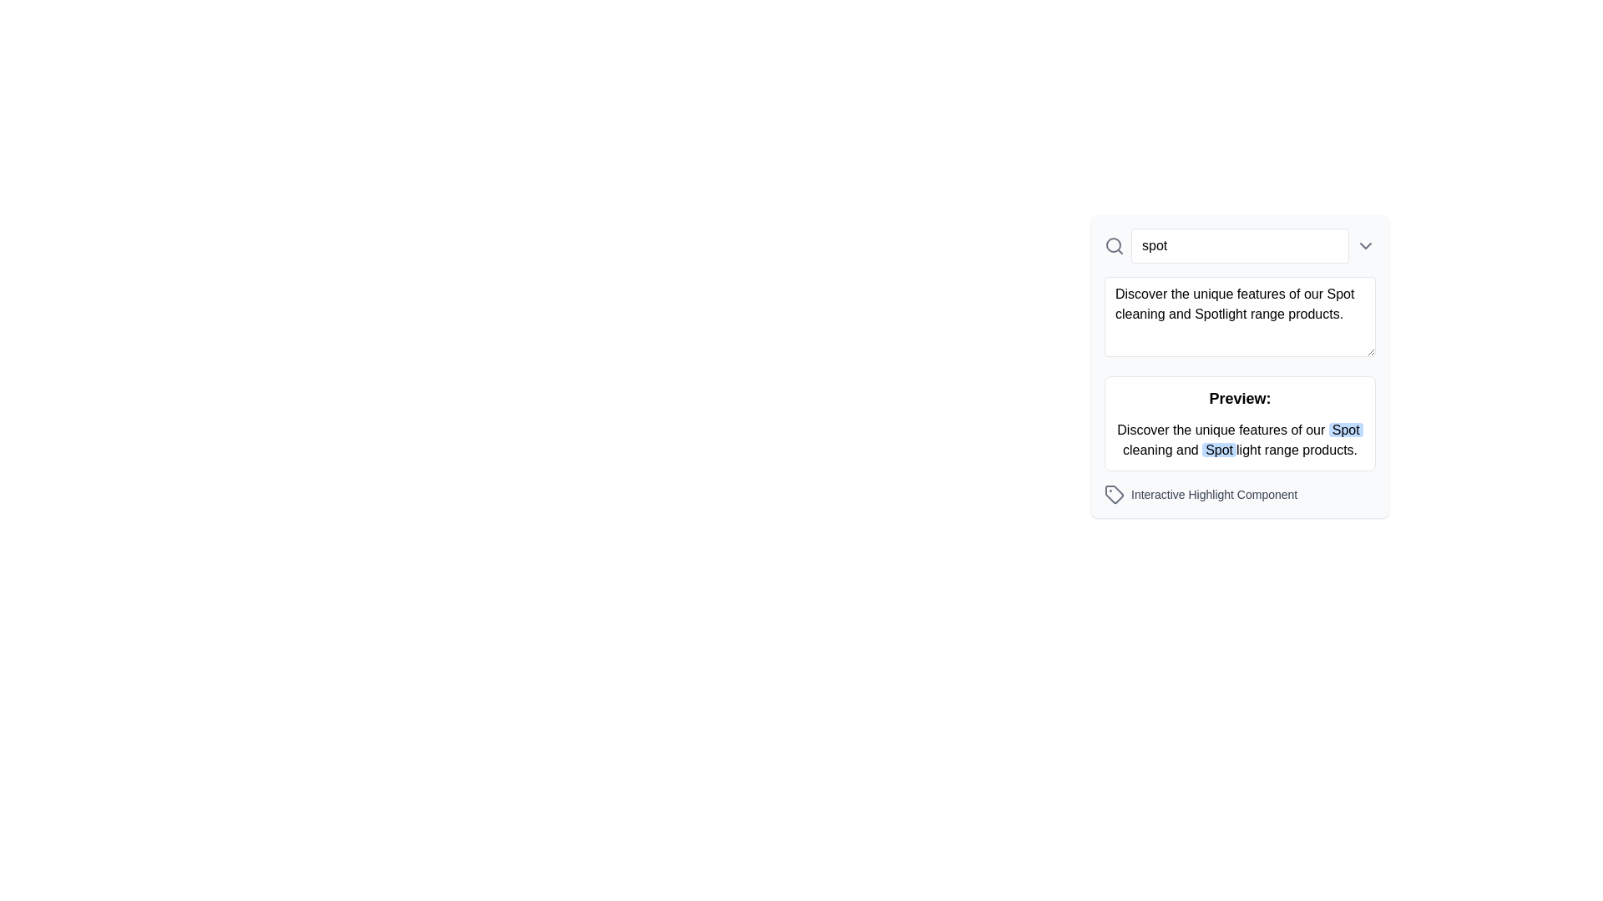  I want to click on the tagging or labeling icon located in the bottom-right region of the interface, represented by an SVG element with a dot at the head of the tag, so click(1114, 494).